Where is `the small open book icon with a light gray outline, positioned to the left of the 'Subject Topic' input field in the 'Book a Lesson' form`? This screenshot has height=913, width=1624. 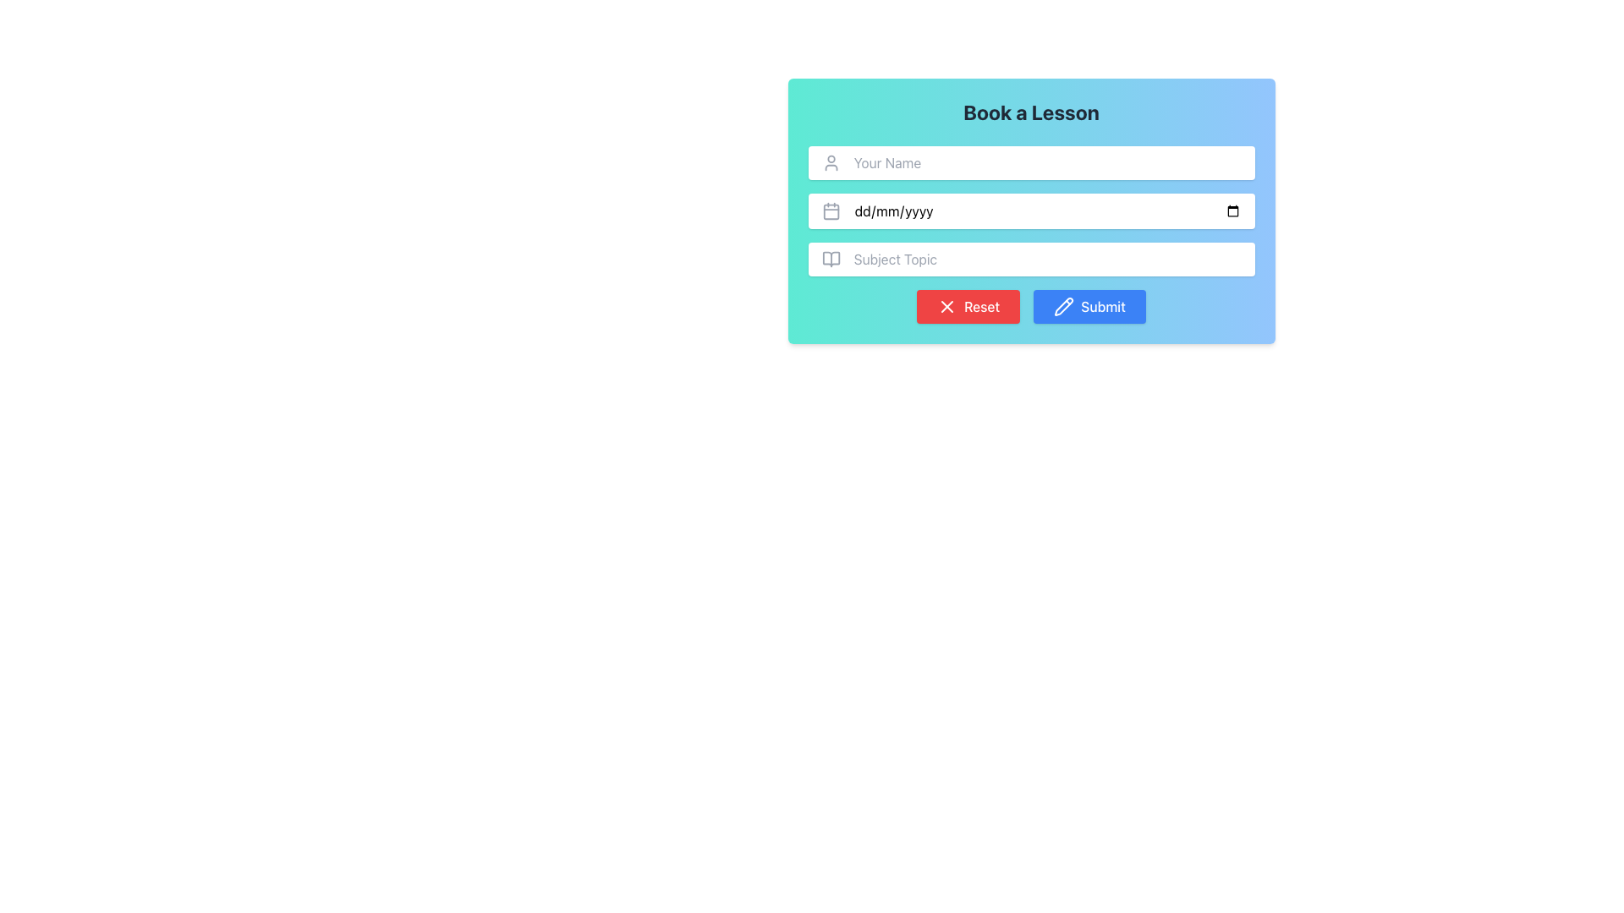 the small open book icon with a light gray outline, positioned to the left of the 'Subject Topic' input field in the 'Book a Lesson' form is located at coordinates (831, 260).